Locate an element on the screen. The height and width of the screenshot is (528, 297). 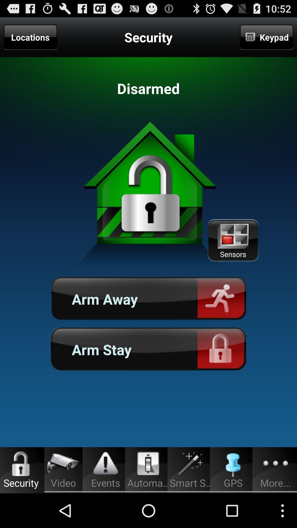
icon above arm away button is located at coordinates (233, 240).